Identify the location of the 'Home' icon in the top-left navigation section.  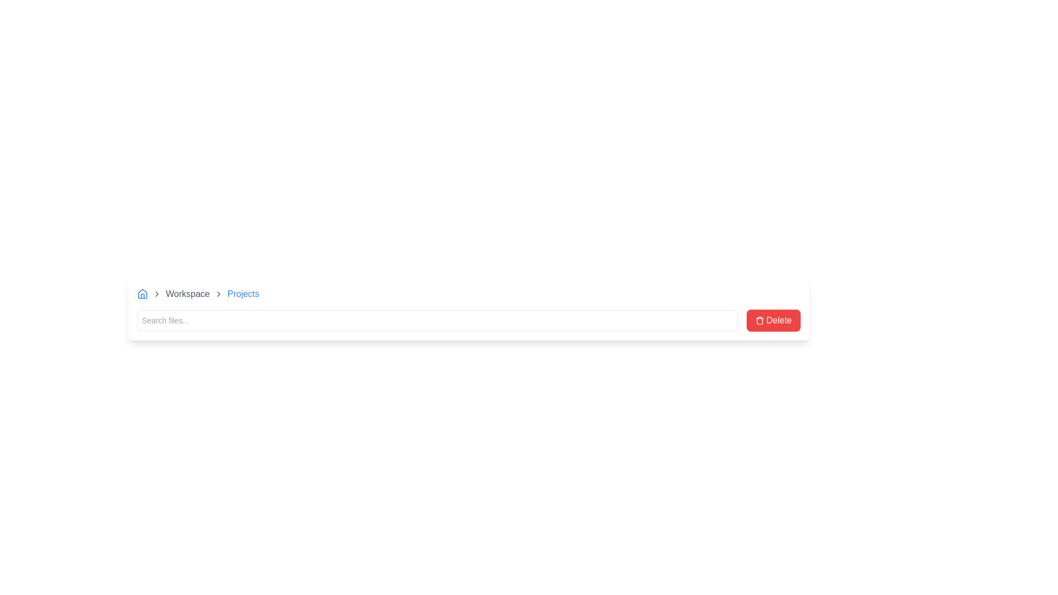
(142, 293).